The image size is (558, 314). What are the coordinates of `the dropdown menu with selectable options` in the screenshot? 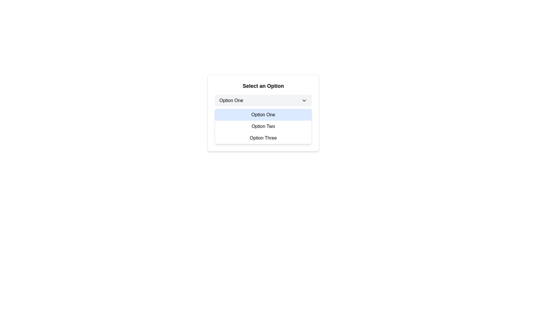 It's located at (263, 126).